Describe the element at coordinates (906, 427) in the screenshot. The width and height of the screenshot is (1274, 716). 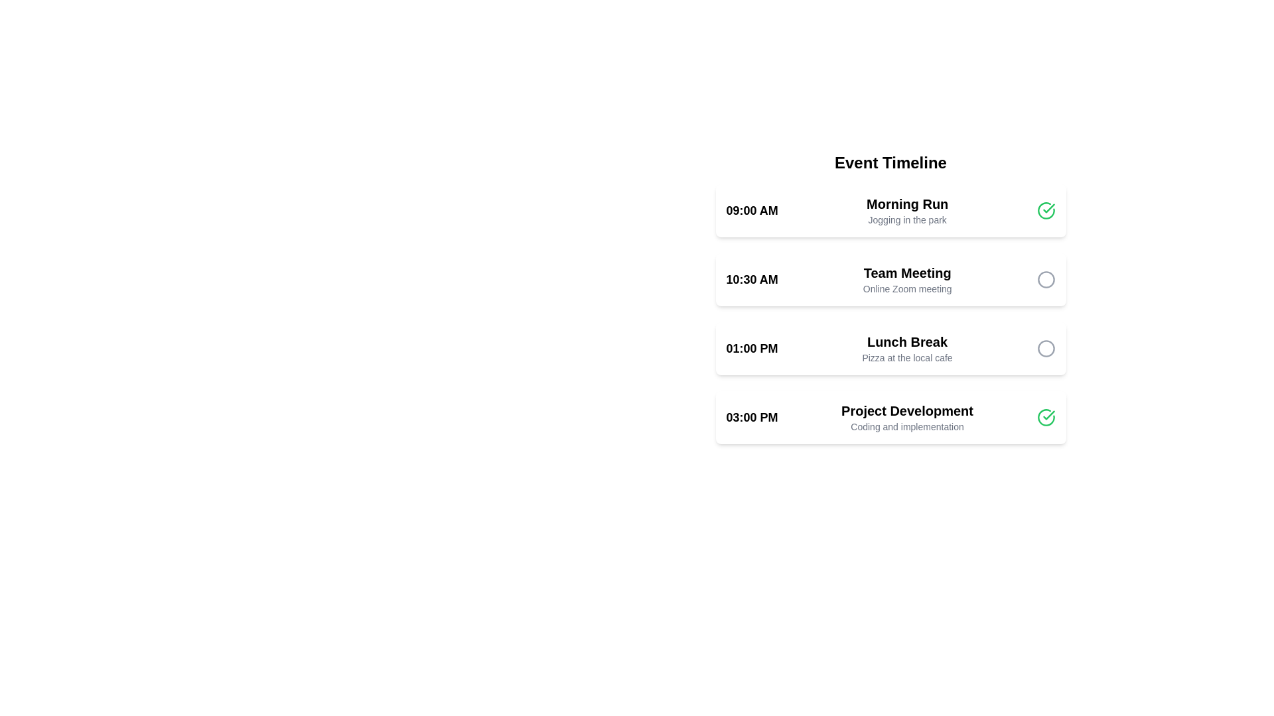
I see `information displayed in the text label that shows 'Coding and implementation' located below the 'Project Development' header in the 03:00 PM time slot section of the event timeline interface` at that location.